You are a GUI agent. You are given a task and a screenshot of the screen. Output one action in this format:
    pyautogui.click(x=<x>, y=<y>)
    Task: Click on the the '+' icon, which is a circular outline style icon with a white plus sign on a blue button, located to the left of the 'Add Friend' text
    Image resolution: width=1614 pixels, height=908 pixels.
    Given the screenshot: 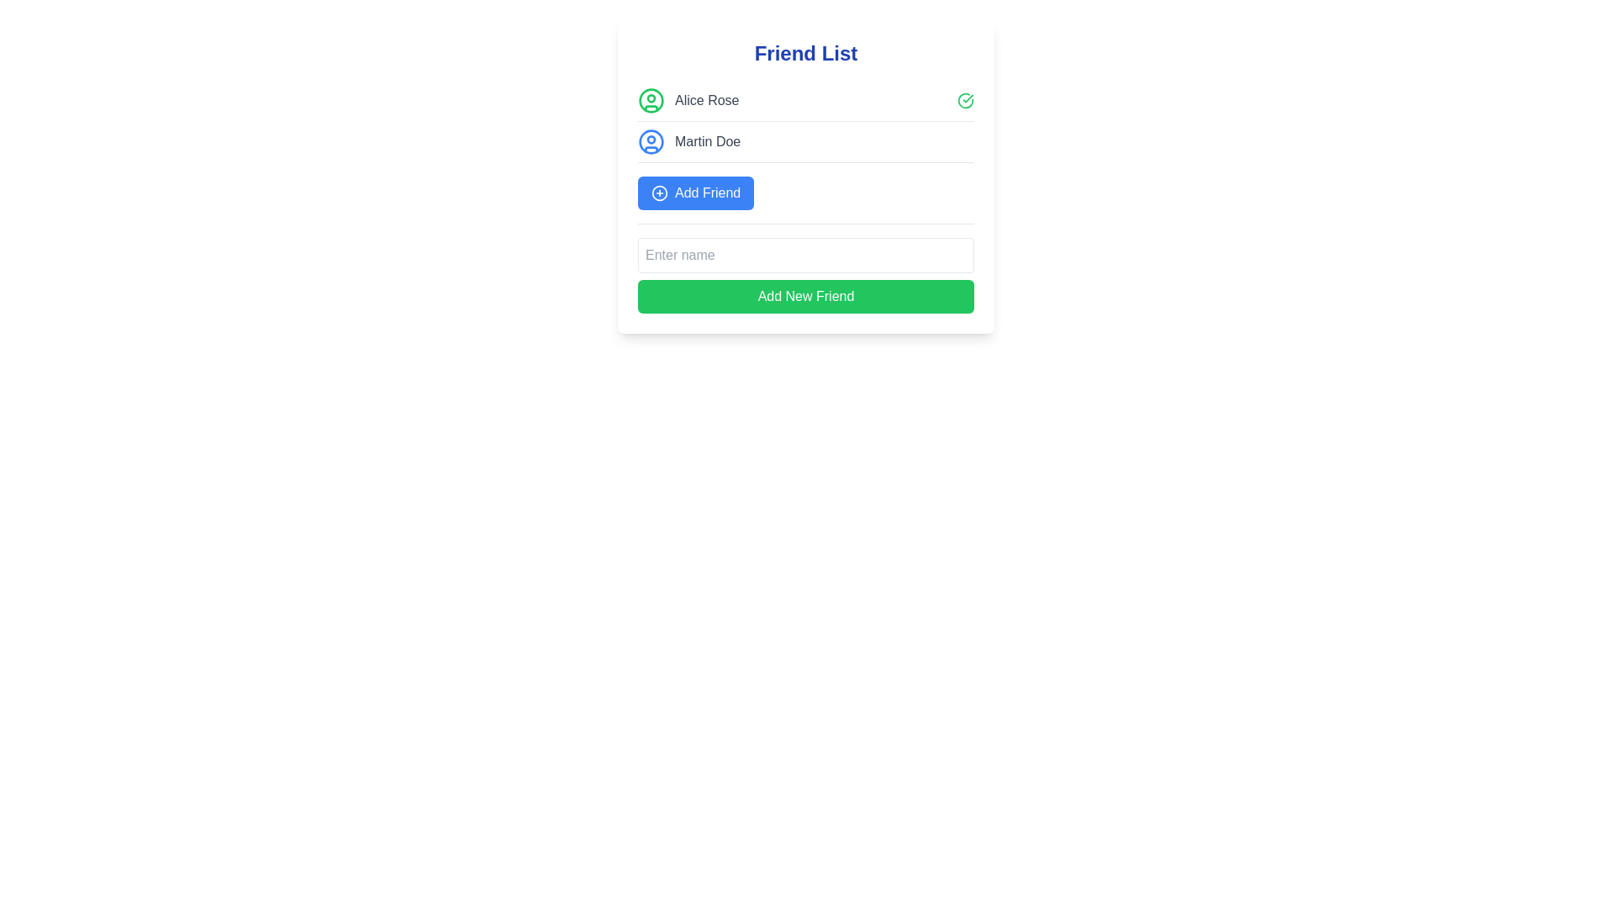 What is the action you would take?
    pyautogui.click(x=659, y=193)
    